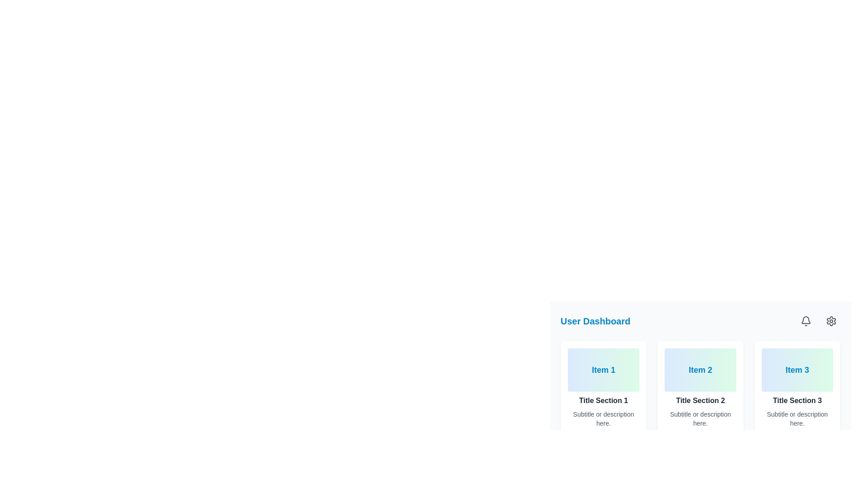 Image resolution: width=868 pixels, height=488 pixels. What do you see at coordinates (700, 400) in the screenshot?
I see `the text element displaying the title 'Title Section 2', which is centered below the gradient box labeled 'Item 2'` at bounding box center [700, 400].